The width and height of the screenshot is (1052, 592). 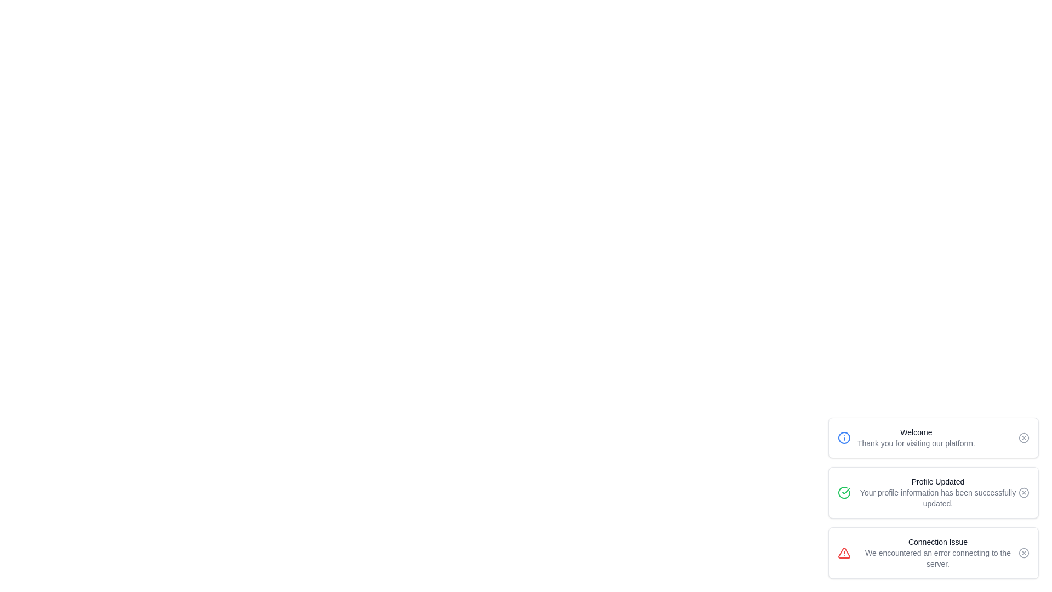 What do you see at coordinates (933, 492) in the screenshot?
I see `the notification with title Profile Updated to observe style changes` at bounding box center [933, 492].